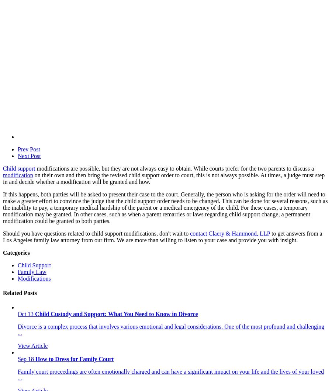 This screenshot has height=391, width=332. I want to click on 'Oct 13', so click(17, 314).